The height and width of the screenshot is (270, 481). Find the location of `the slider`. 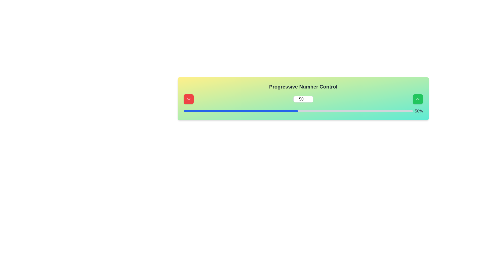

the slider is located at coordinates (231, 111).